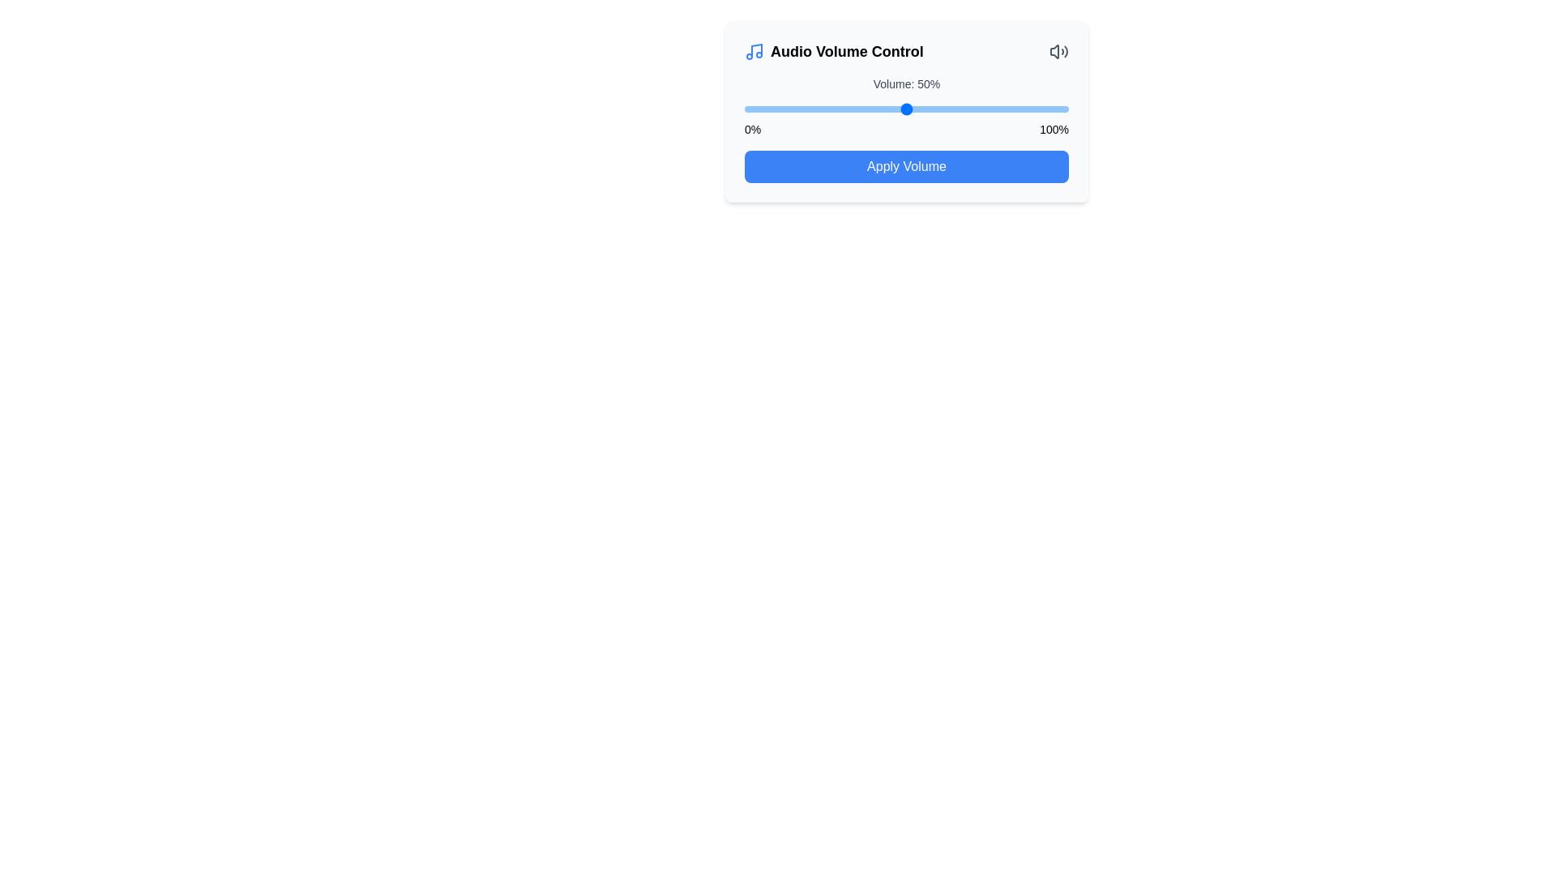  What do you see at coordinates (1007, 109) in the screenshot?
I see `the volume level` at bounding box center [1007, 109].